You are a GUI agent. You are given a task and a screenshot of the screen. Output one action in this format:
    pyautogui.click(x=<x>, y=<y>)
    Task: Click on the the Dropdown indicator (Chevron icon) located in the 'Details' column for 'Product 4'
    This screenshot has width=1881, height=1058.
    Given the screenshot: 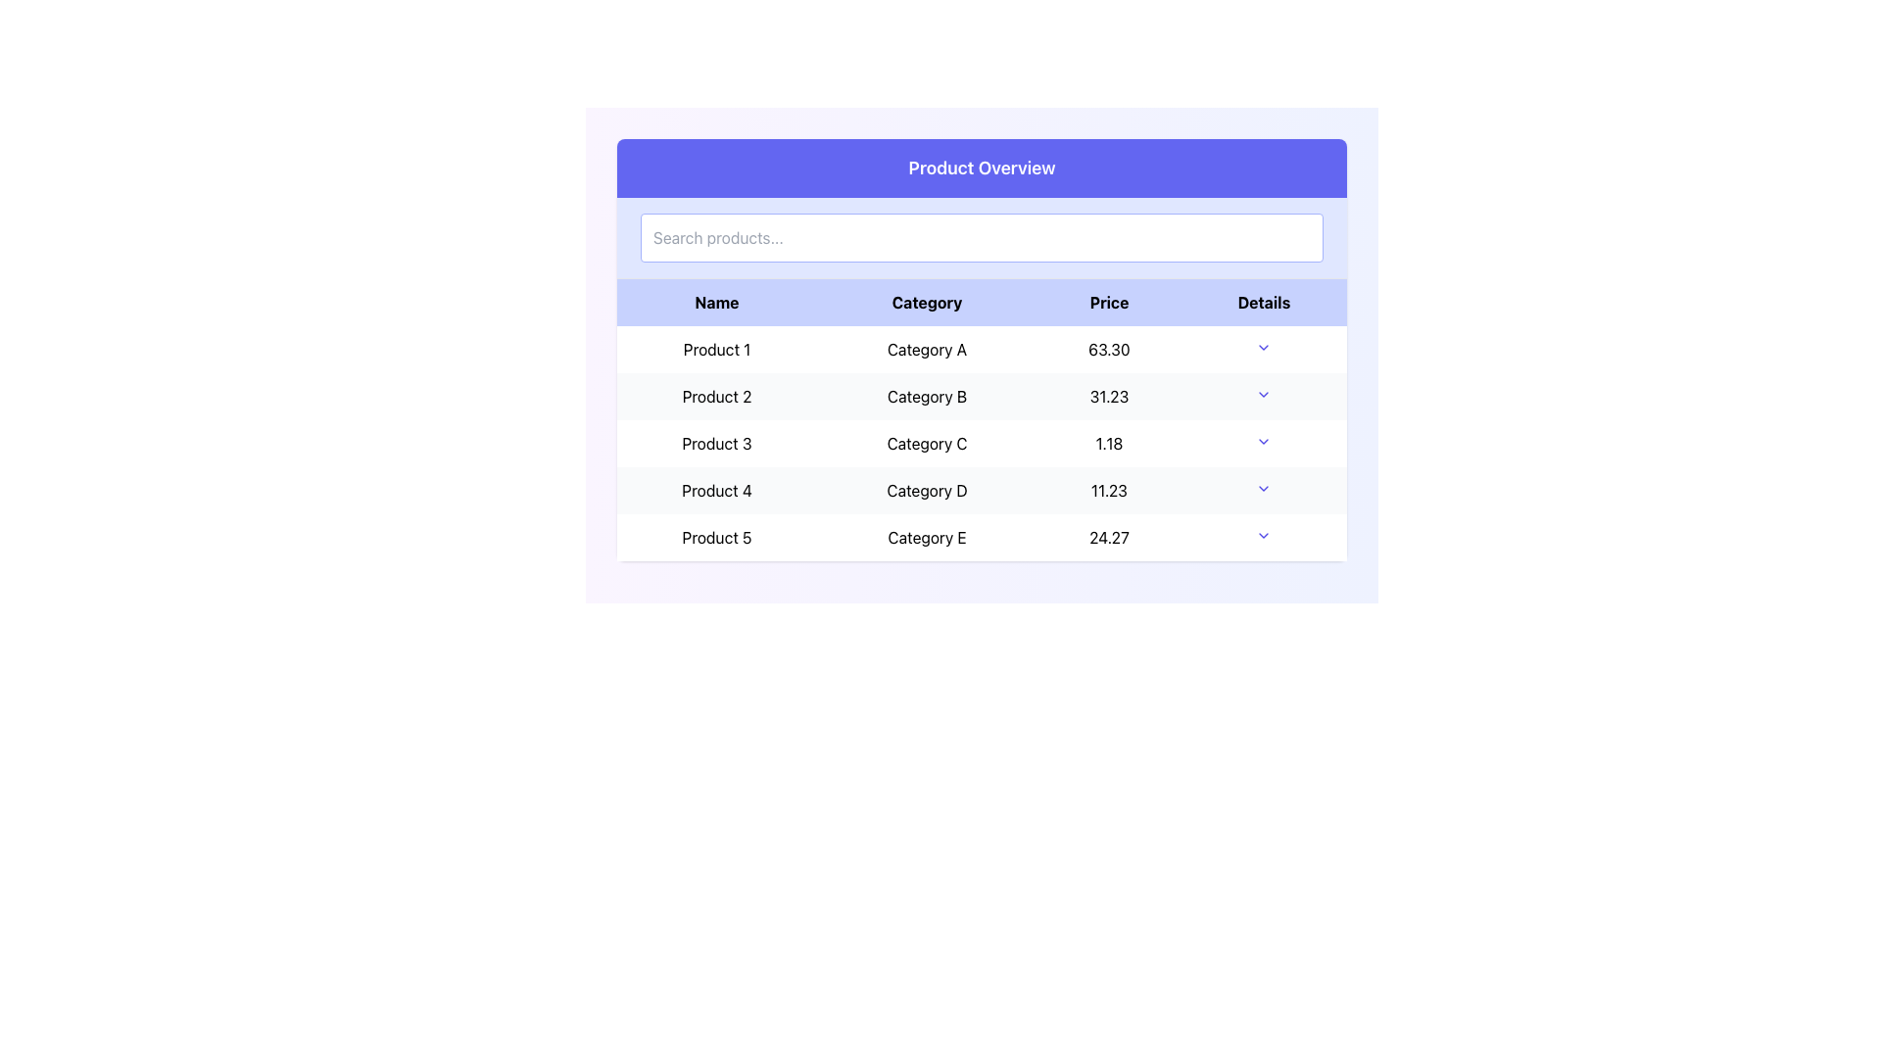 What is the action you would take?
    pyautogui.click(x=1264, y=487)
    